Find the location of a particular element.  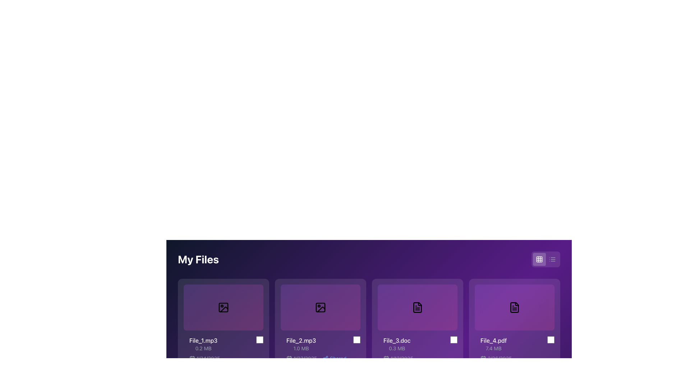

the date display element that shows '1/24/2025' next to a calendar icon, located at the bottom left of its respective file card is located at coordinates (204, 359).